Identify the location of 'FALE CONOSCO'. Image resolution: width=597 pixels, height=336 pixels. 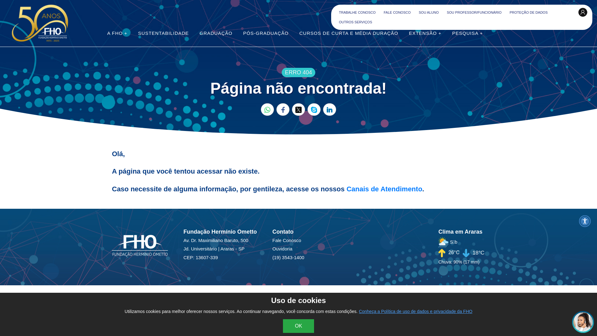
(380, 12).